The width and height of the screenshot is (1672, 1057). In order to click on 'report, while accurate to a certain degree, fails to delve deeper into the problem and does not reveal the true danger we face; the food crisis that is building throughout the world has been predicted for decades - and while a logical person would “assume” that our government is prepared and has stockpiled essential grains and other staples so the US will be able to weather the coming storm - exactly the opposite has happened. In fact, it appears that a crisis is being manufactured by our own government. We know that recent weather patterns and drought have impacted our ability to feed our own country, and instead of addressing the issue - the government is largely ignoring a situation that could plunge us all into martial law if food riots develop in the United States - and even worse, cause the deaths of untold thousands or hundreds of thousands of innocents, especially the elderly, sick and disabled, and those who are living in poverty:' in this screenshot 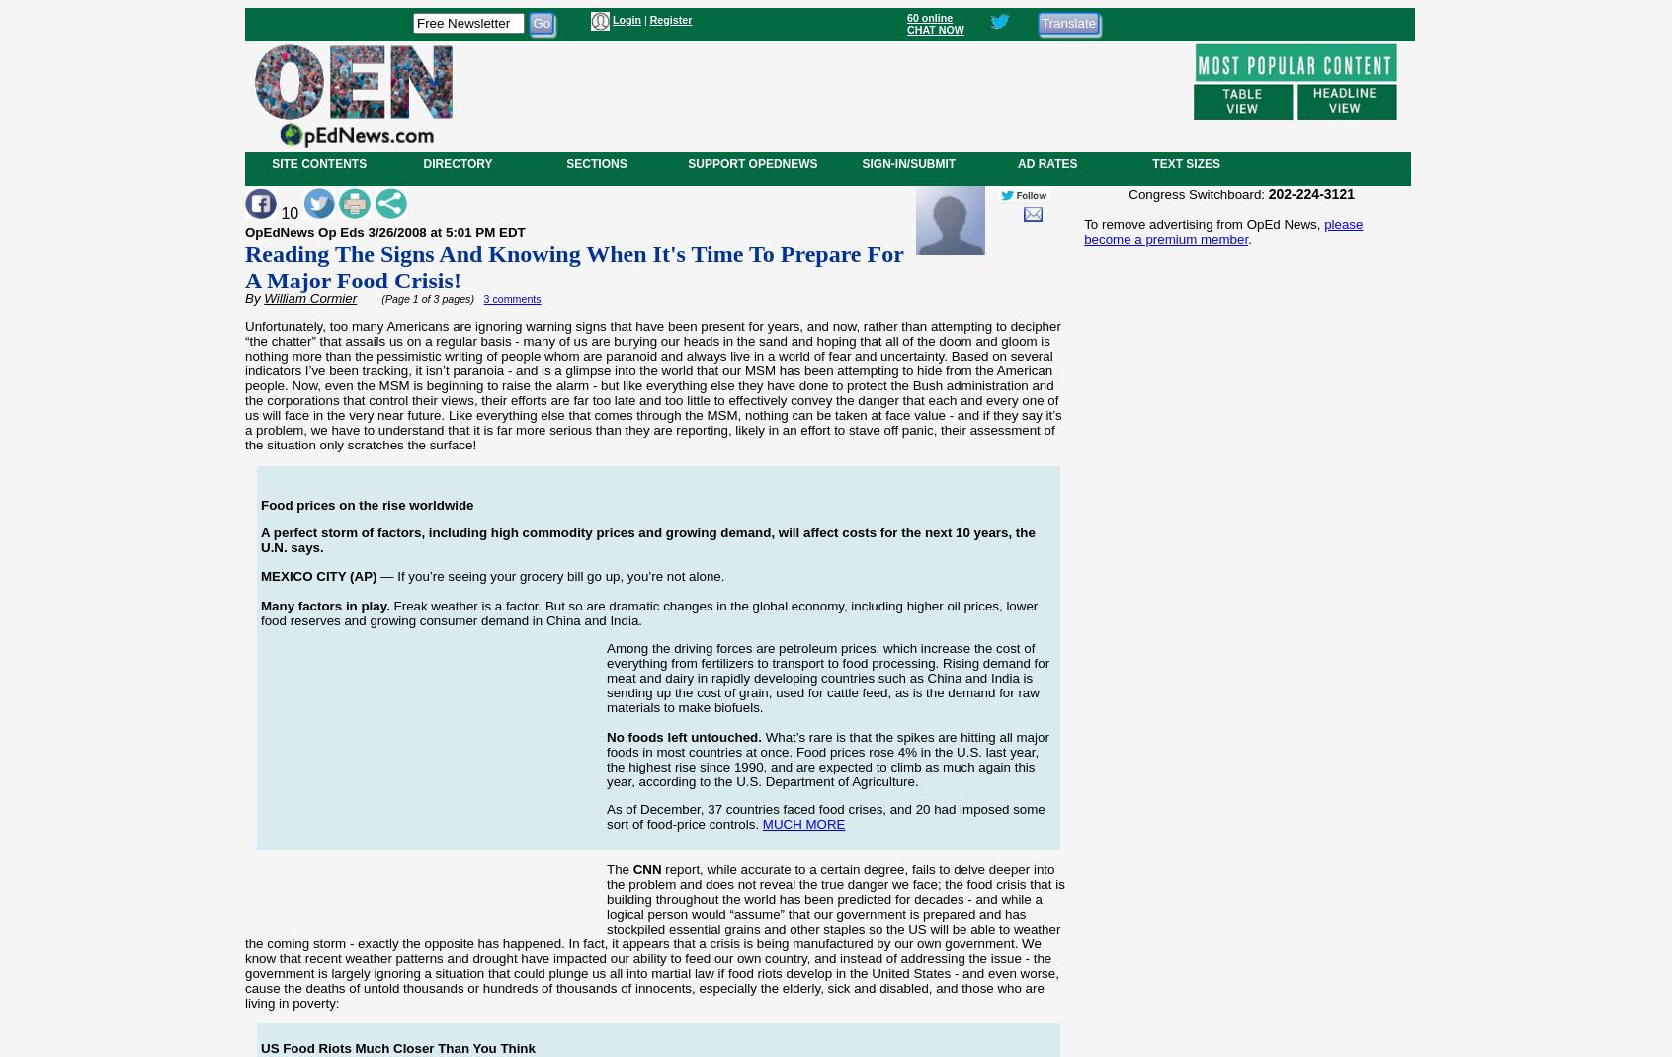, I will do `click(654, 934)`.